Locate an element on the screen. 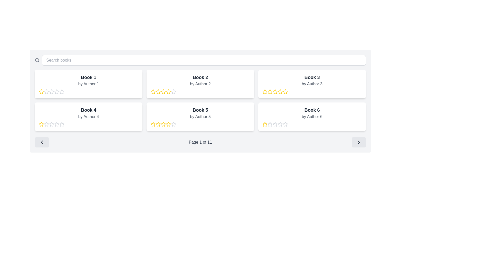 The image size is (491, 276). the first star icon in the second row of the rating stars under the 'Book 6' card to rate it is located at coordinates (270, 124).